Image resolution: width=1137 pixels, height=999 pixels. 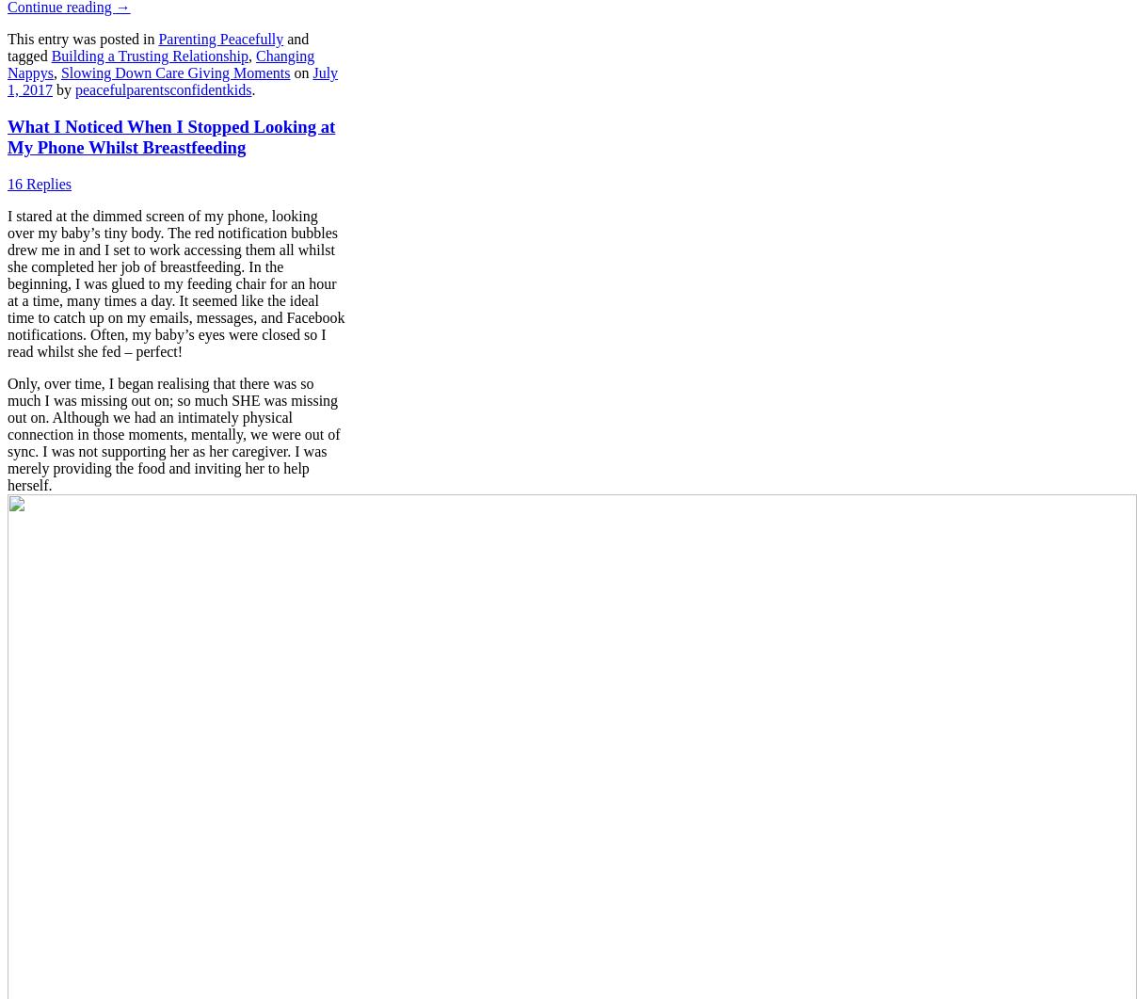 I want to click on 'Parenting Peacefully', so click(x=220, y=39).